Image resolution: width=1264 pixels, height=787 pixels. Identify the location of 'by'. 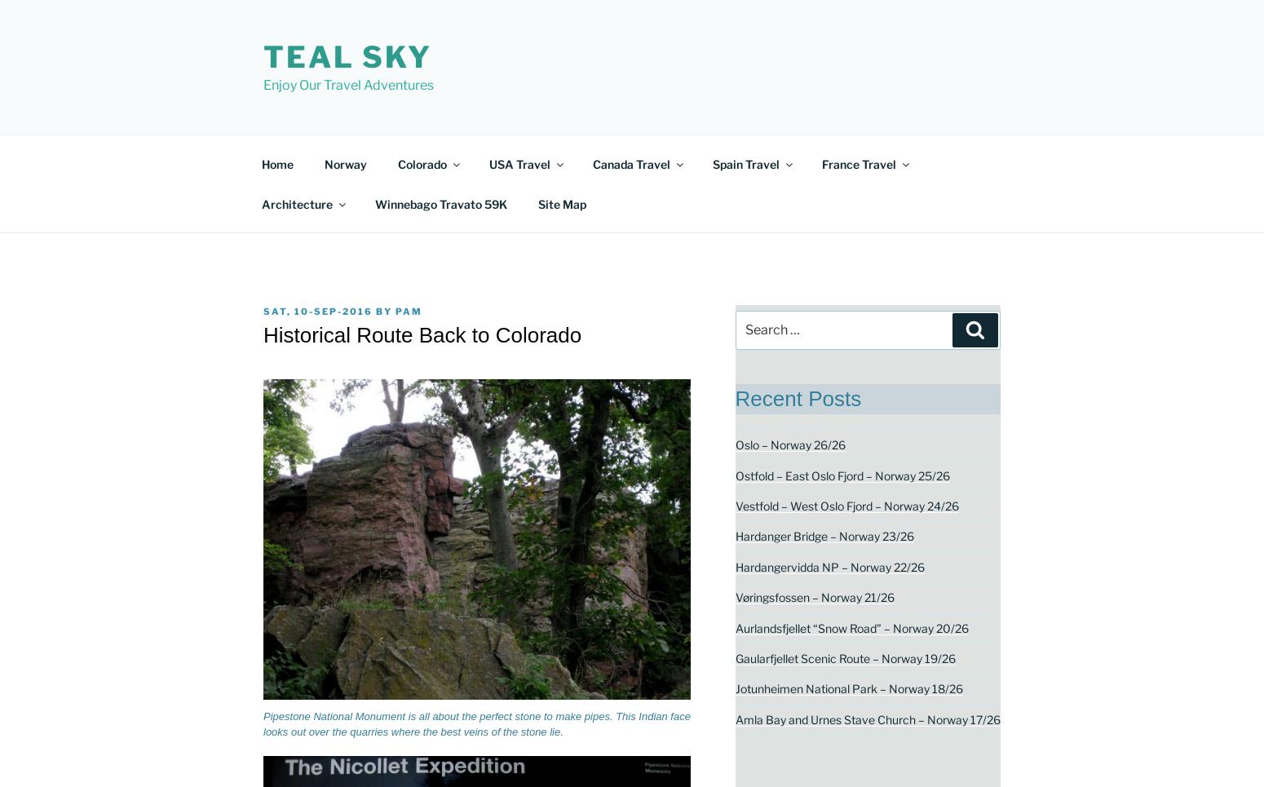
(383, 311).